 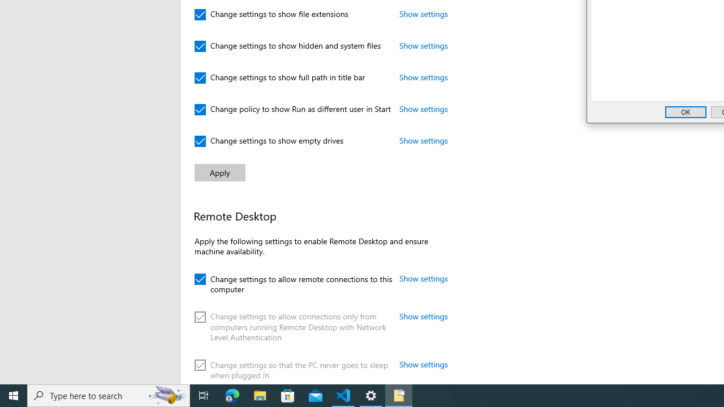 I want to click on 'Microsoft Edge', so click(x=232, y=395).